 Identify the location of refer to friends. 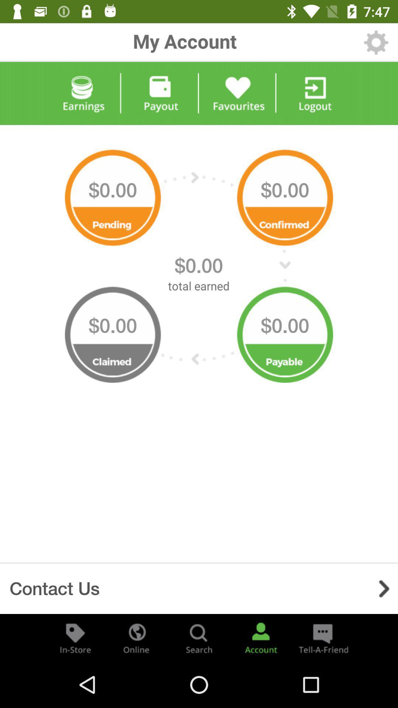
(322, 637).